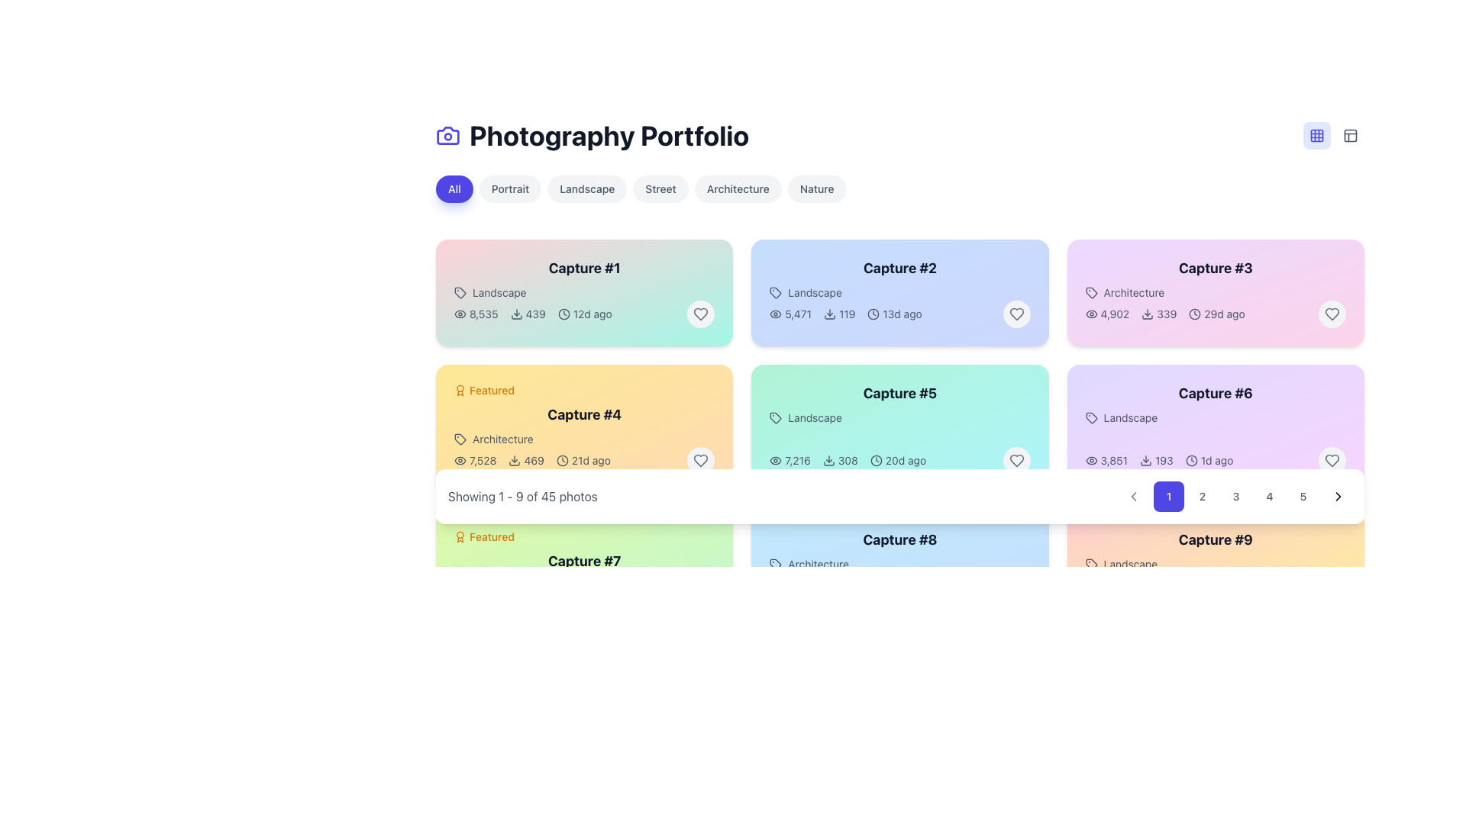  What do you see at coordinates (706, 264) in the screenshot?
I see `the maximize button in the top-right corner of the 'Capture #1' card` at bounding box center [706, 264].